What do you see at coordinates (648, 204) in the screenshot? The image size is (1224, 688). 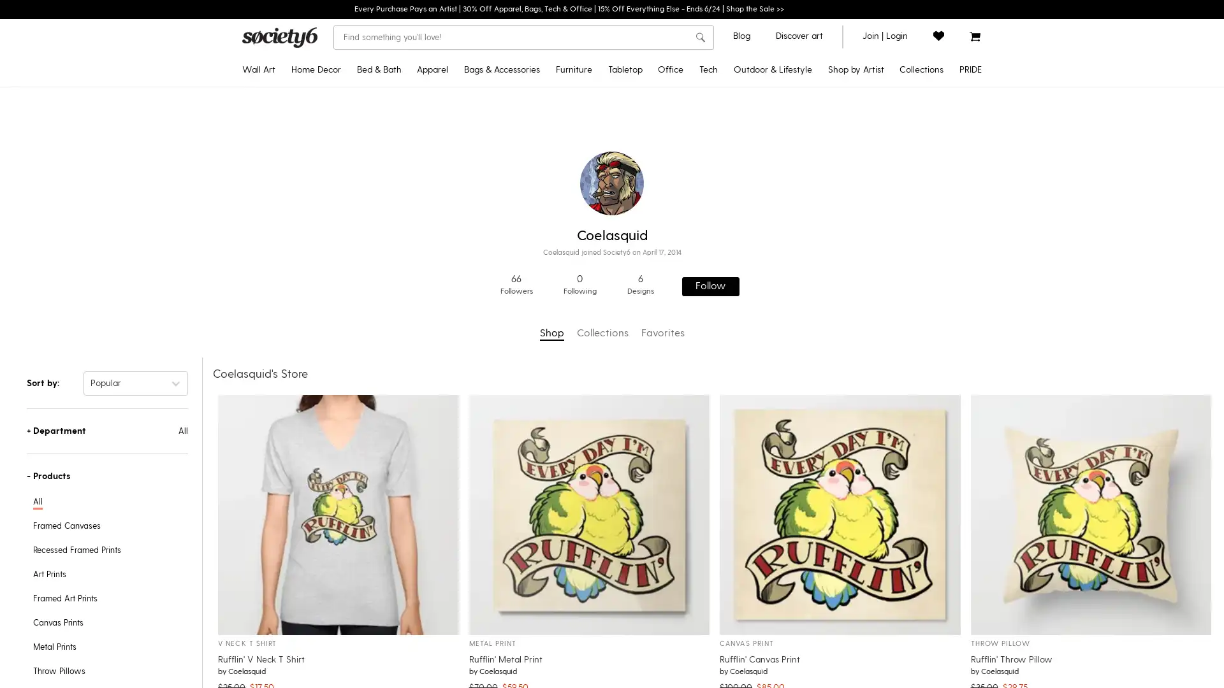 I see `Coasters` at bounding box center [648, 204].